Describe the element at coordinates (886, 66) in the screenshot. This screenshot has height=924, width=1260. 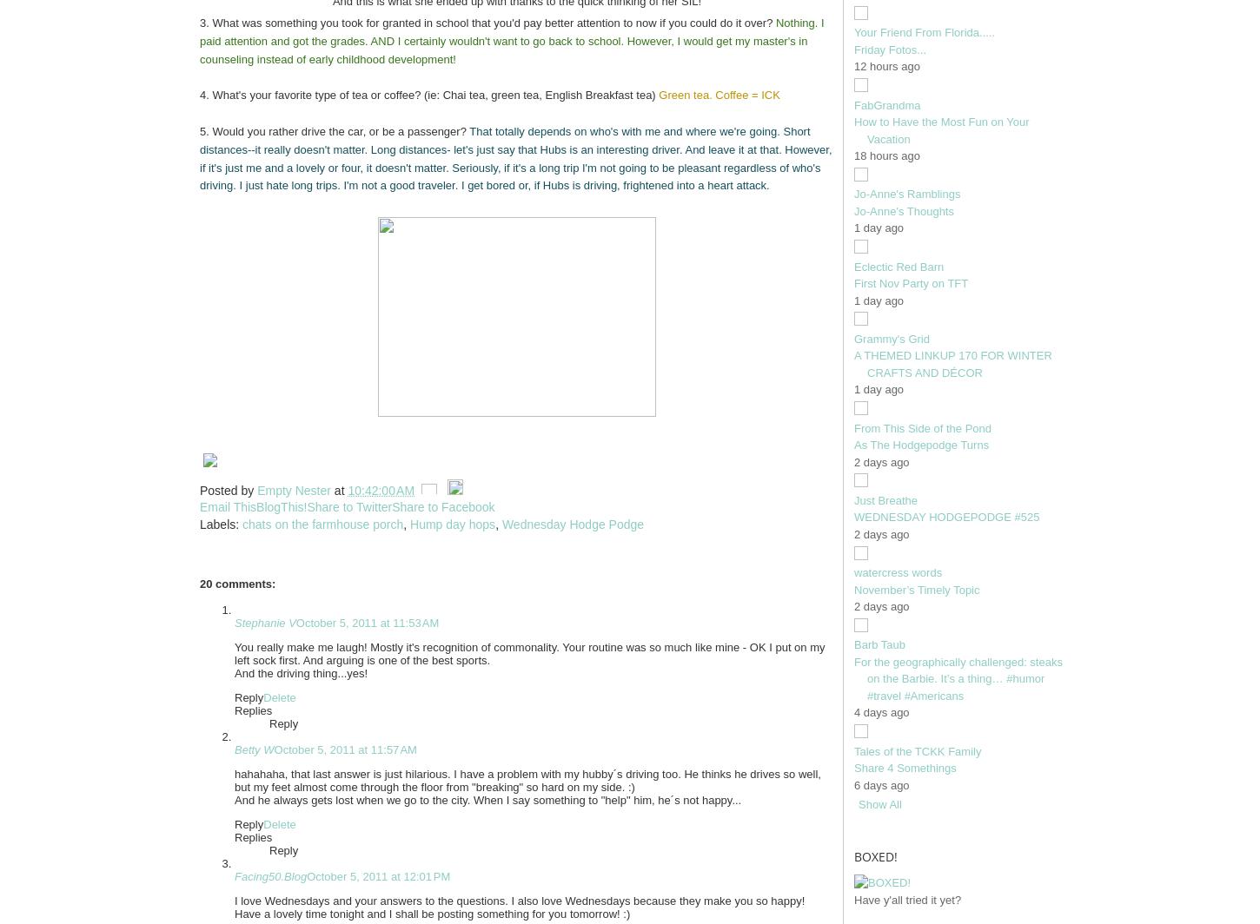
I see `'12 hours ago'` at that location.